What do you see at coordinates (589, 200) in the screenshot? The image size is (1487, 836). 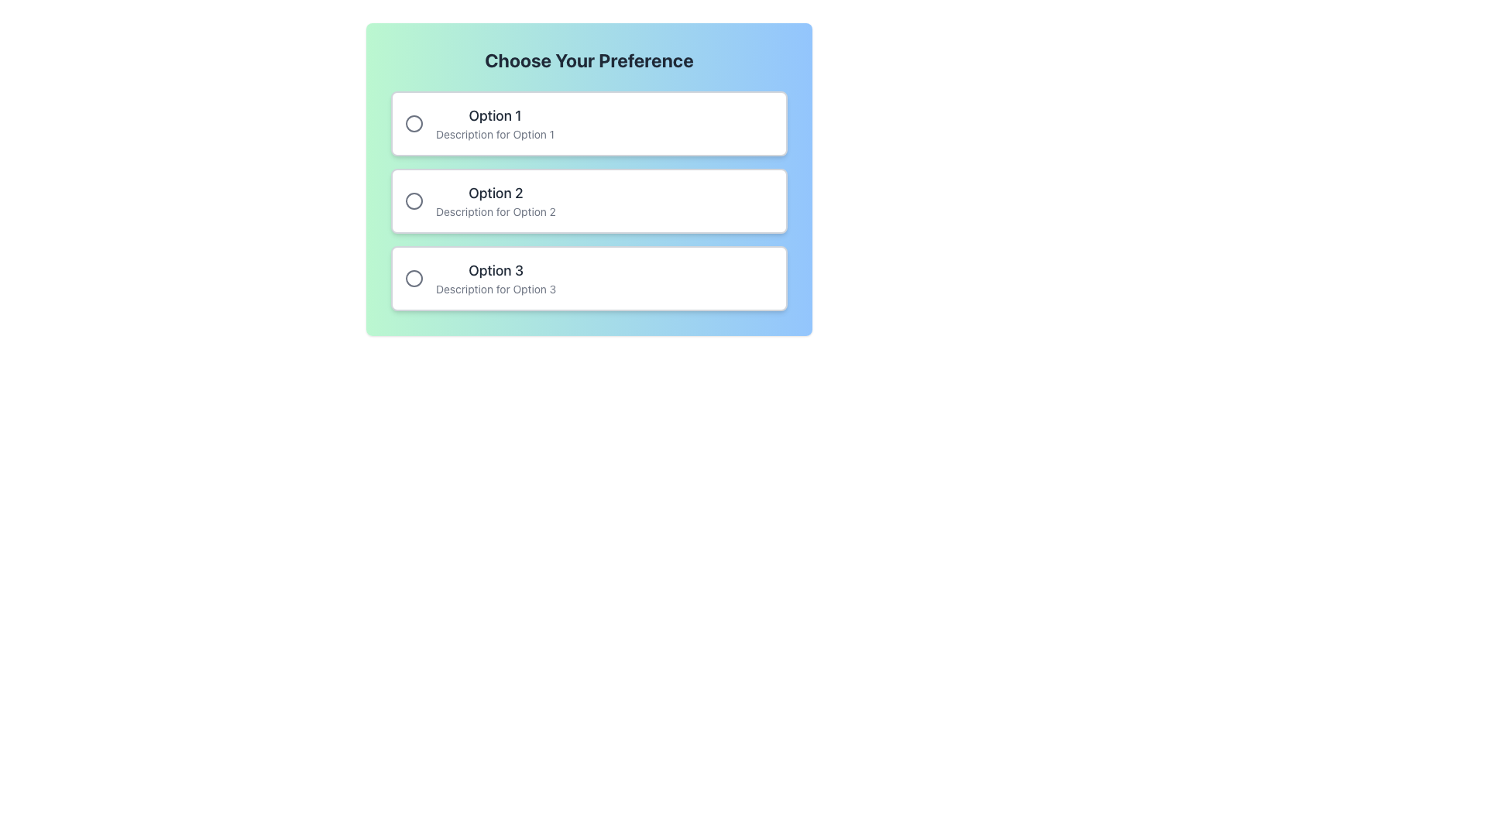 I see `the second option box containing the radio button labeled 'Option 2'` at bounding box center [589, 200].